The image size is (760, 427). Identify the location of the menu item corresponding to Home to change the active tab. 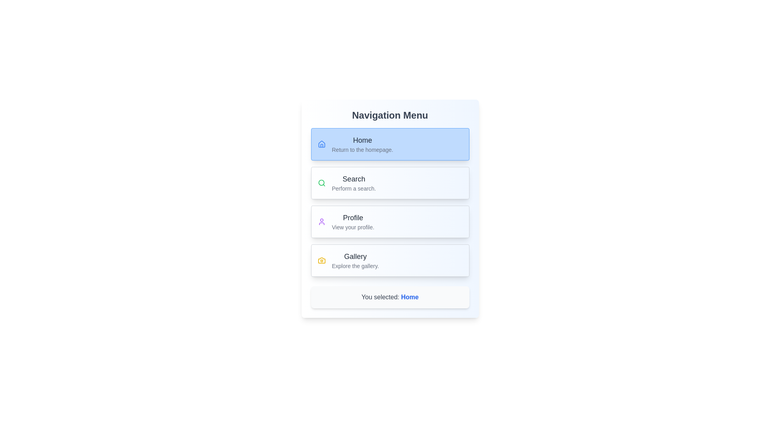
(390, 144).